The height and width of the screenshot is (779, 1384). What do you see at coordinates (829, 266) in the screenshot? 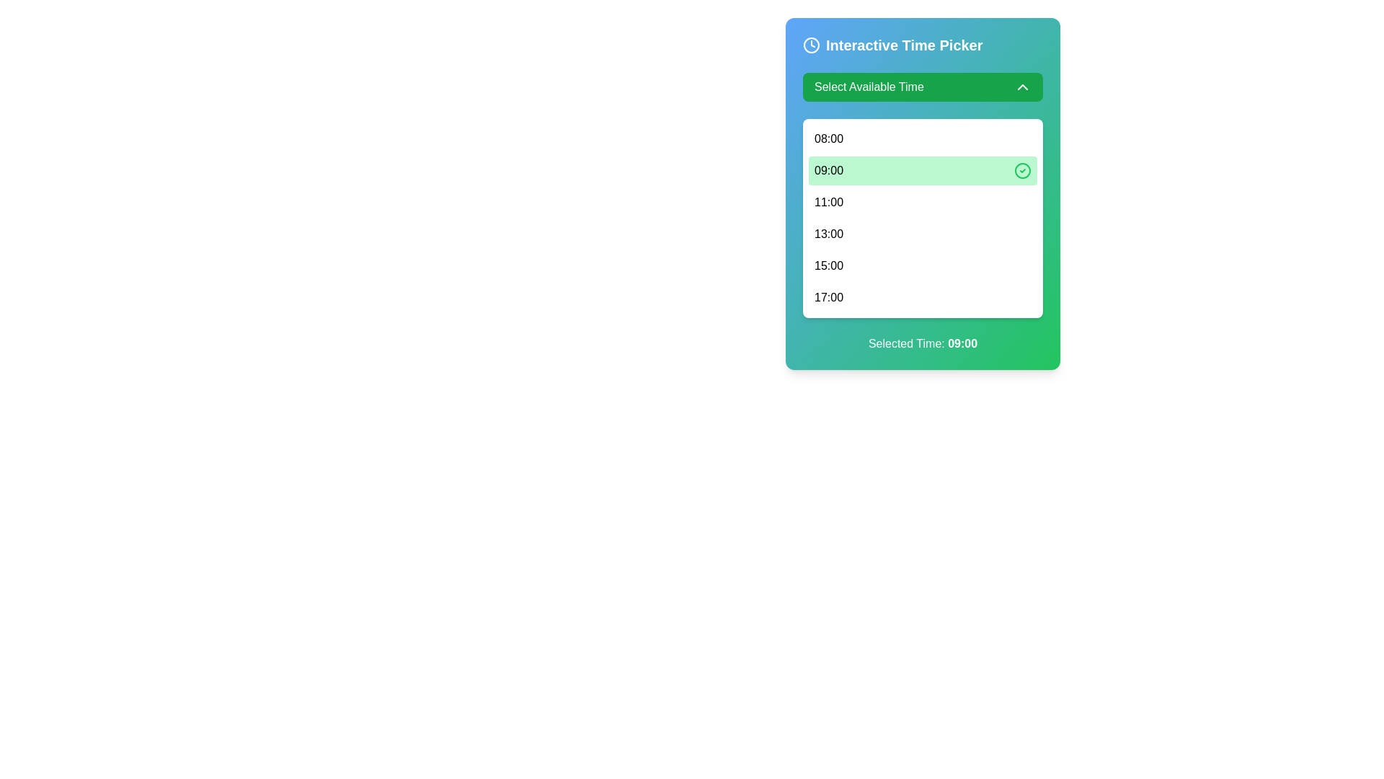
I see `the text label displaying the time '15:00'` at bounding box center [829, 266].